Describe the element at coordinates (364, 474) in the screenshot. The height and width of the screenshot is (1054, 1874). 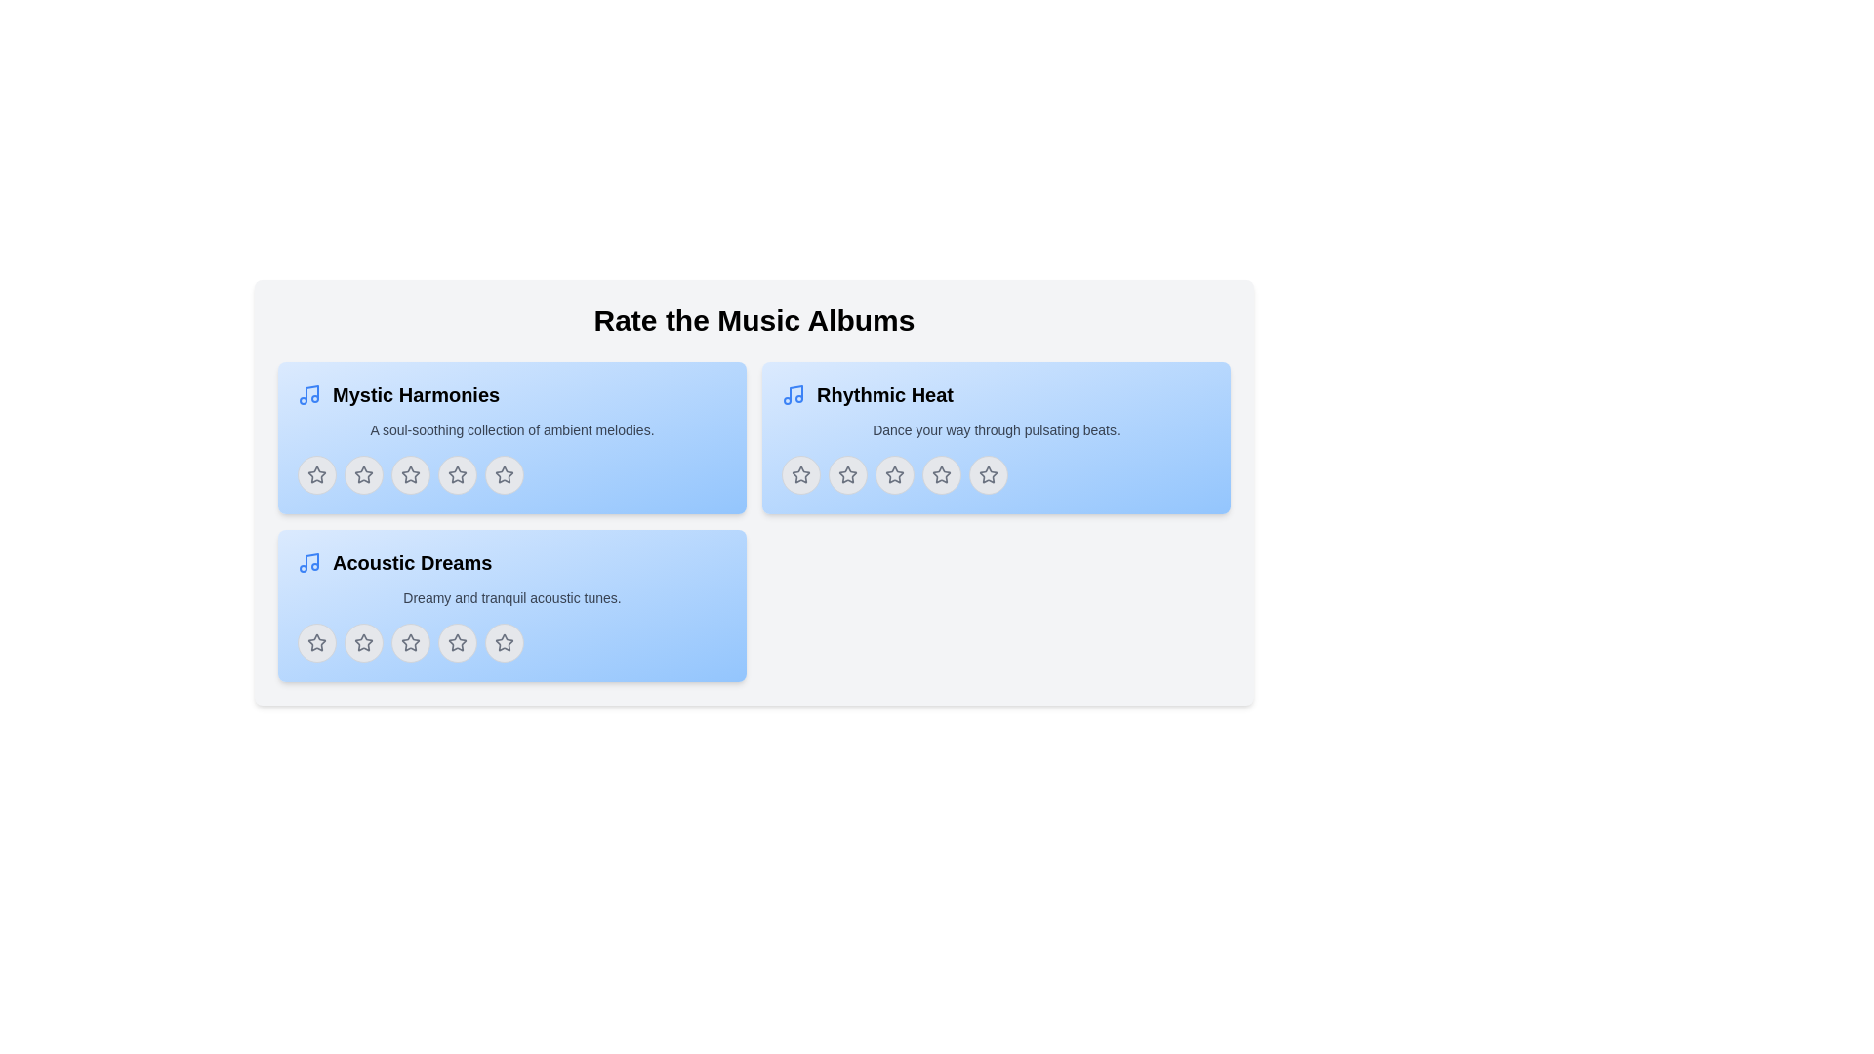
I see `the pointer over the second star-shaped rating icon in the 'Mystic Harmonies' section` at that location.